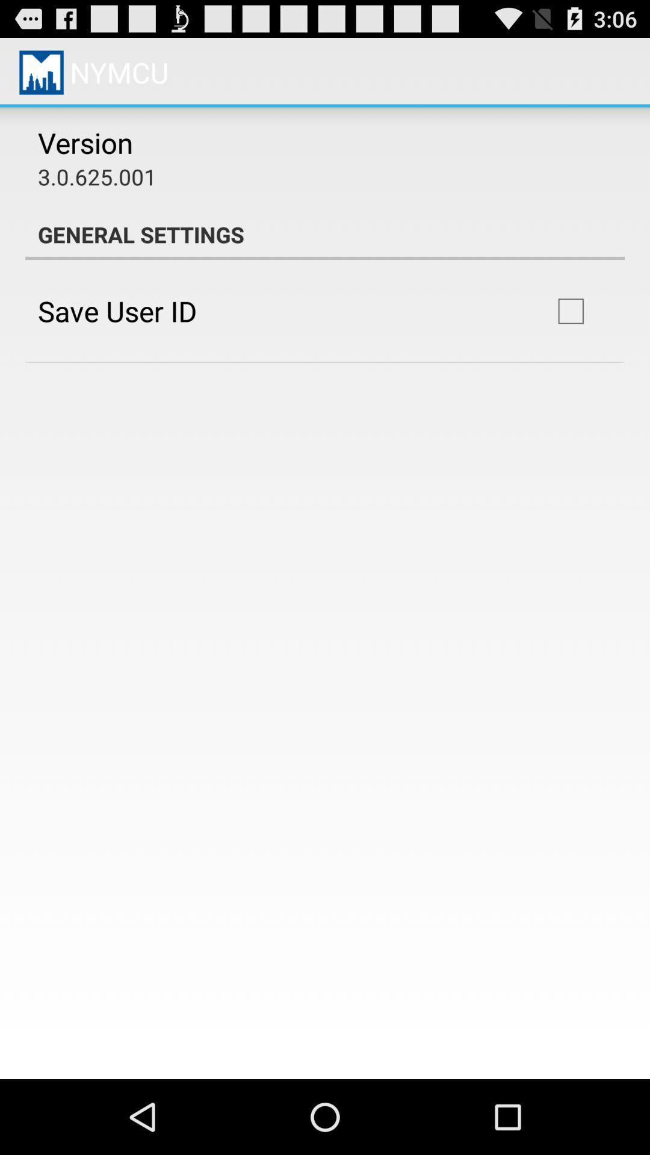  Describe the element at coordinates (85, 143) in the screenshot. I see `app above 3 0 625 app` at that location.